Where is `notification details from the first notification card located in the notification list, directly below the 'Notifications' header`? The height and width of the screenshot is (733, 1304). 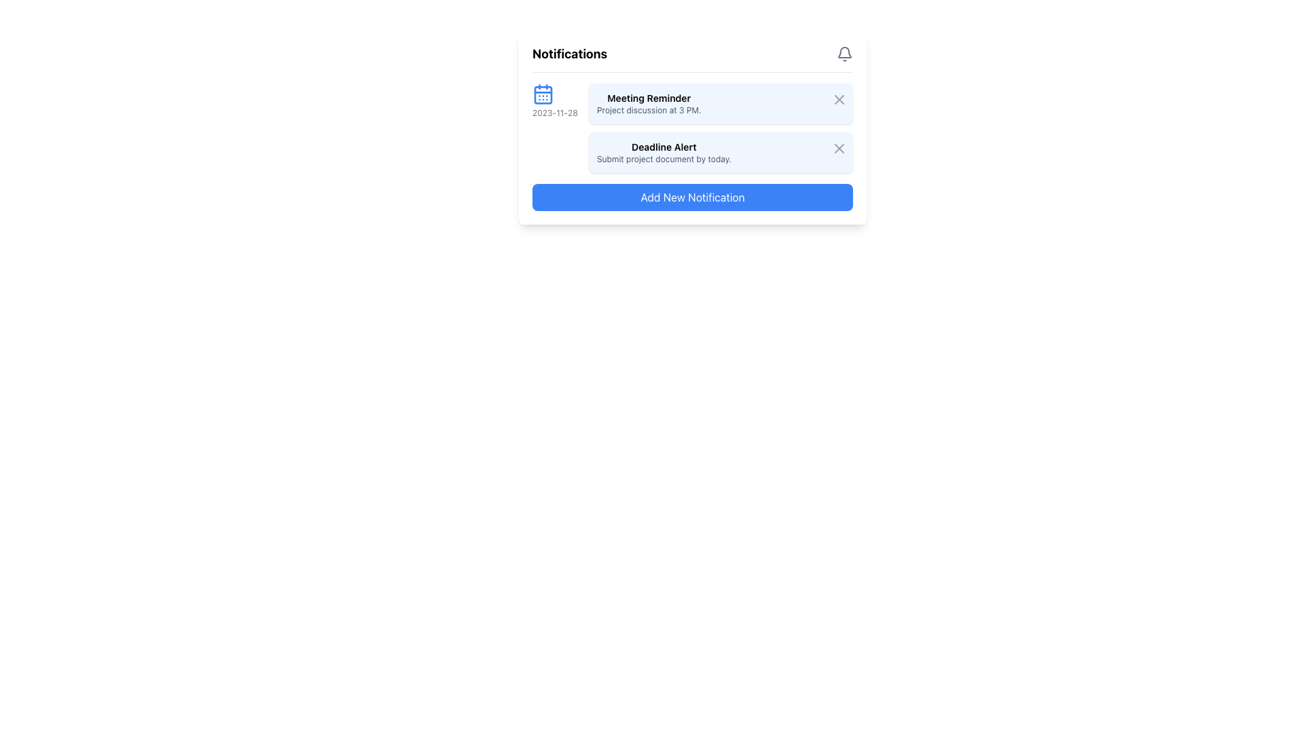 notification details from the first notification card located in the notification list, directly below the 'Notifications' header is located at coordinates (648, 103).